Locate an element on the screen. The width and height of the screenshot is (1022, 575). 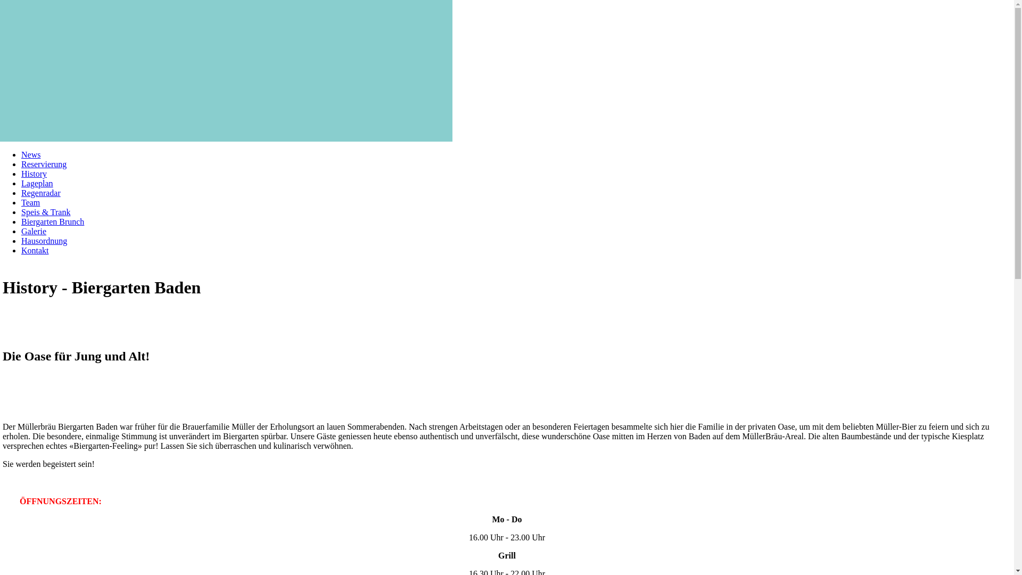
'Team' is located at coordinates (21, 202).